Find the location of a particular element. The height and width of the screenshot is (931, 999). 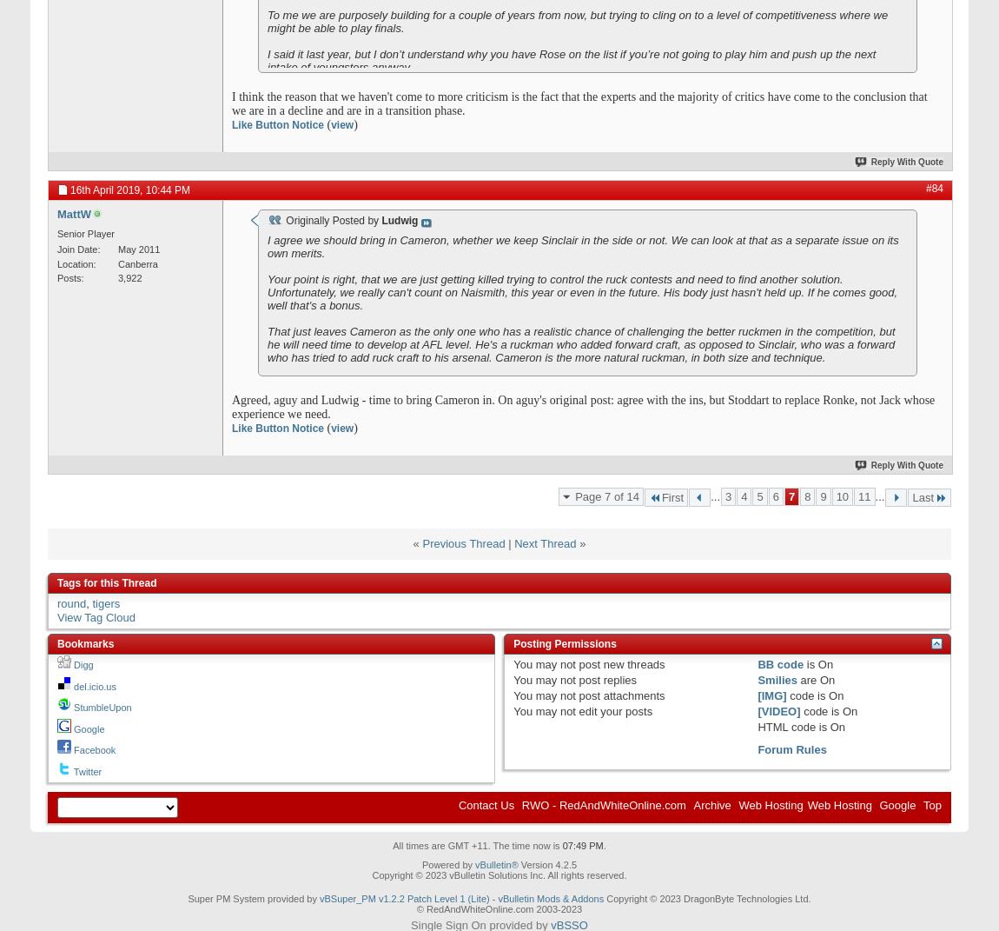

'[IMG]' is located at coordinates (771, 695).